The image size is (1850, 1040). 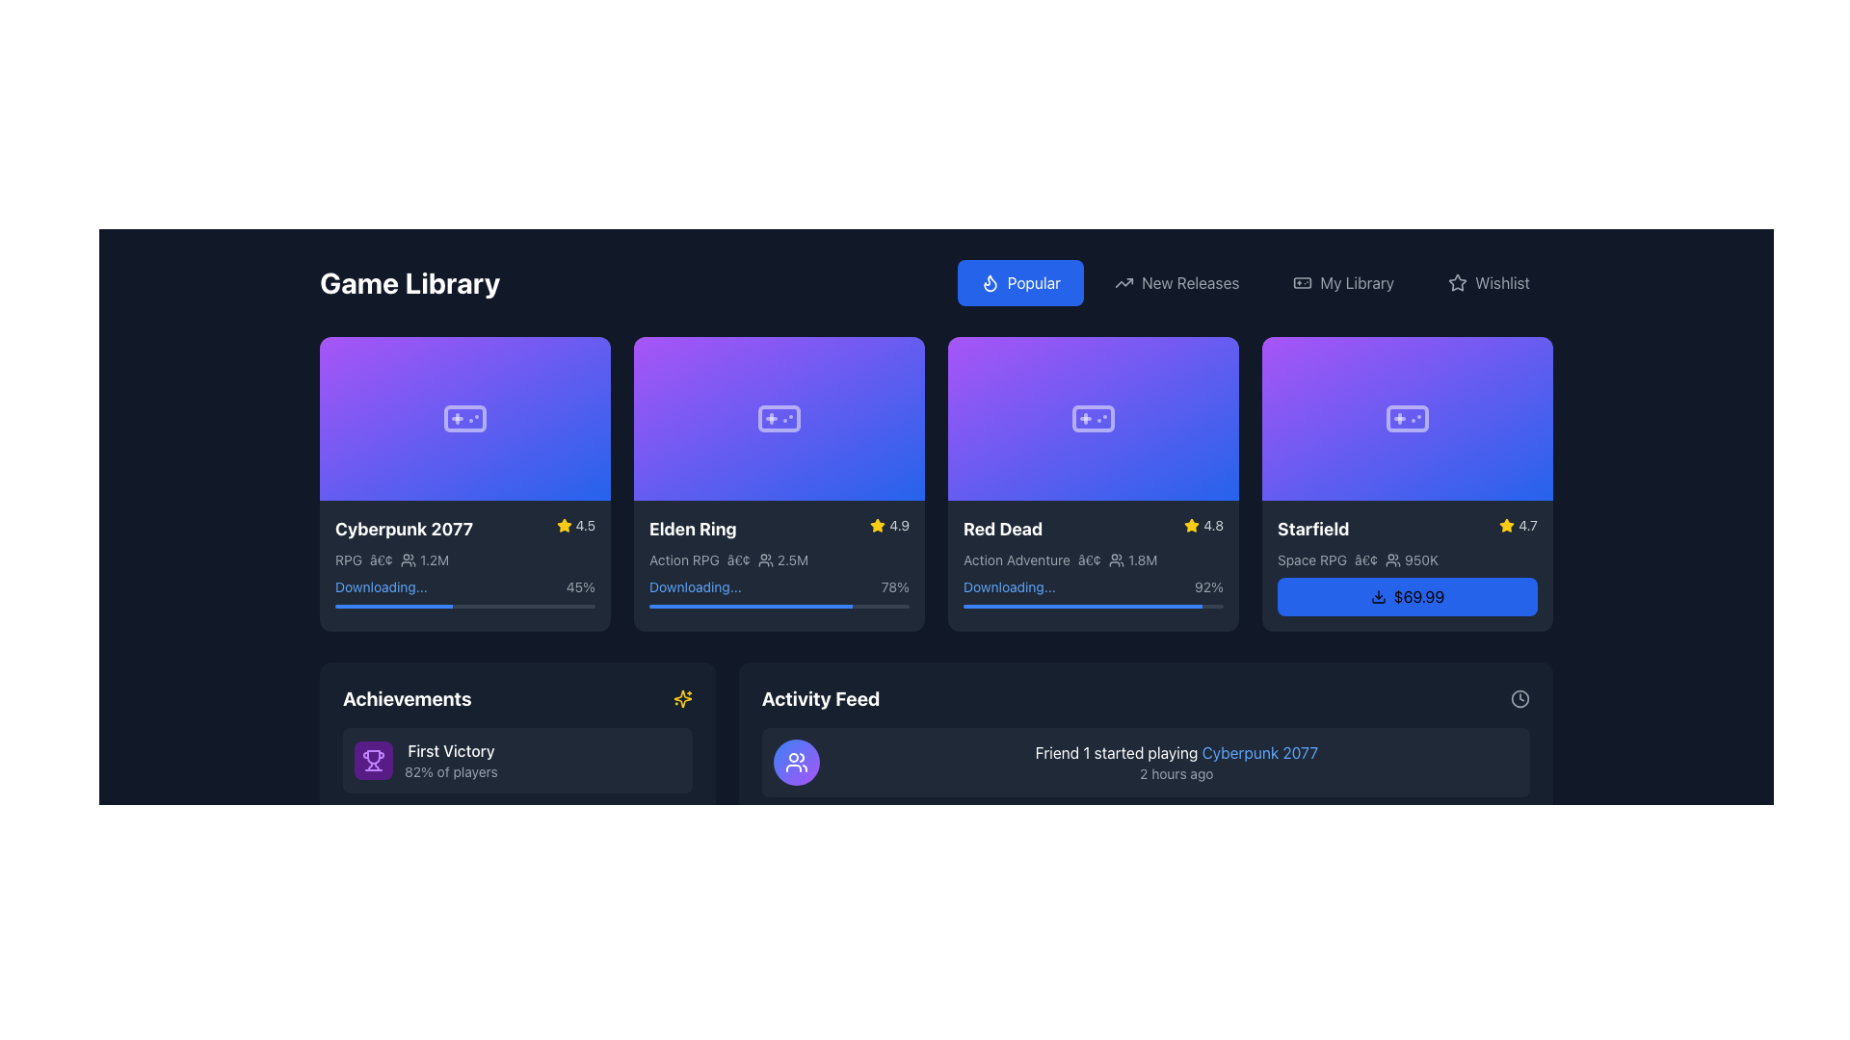 I want to click on the text label identifying the game 'Elden Ring' within the gaming library interface, located to the left of the star rating, so click(x=693, y=529).